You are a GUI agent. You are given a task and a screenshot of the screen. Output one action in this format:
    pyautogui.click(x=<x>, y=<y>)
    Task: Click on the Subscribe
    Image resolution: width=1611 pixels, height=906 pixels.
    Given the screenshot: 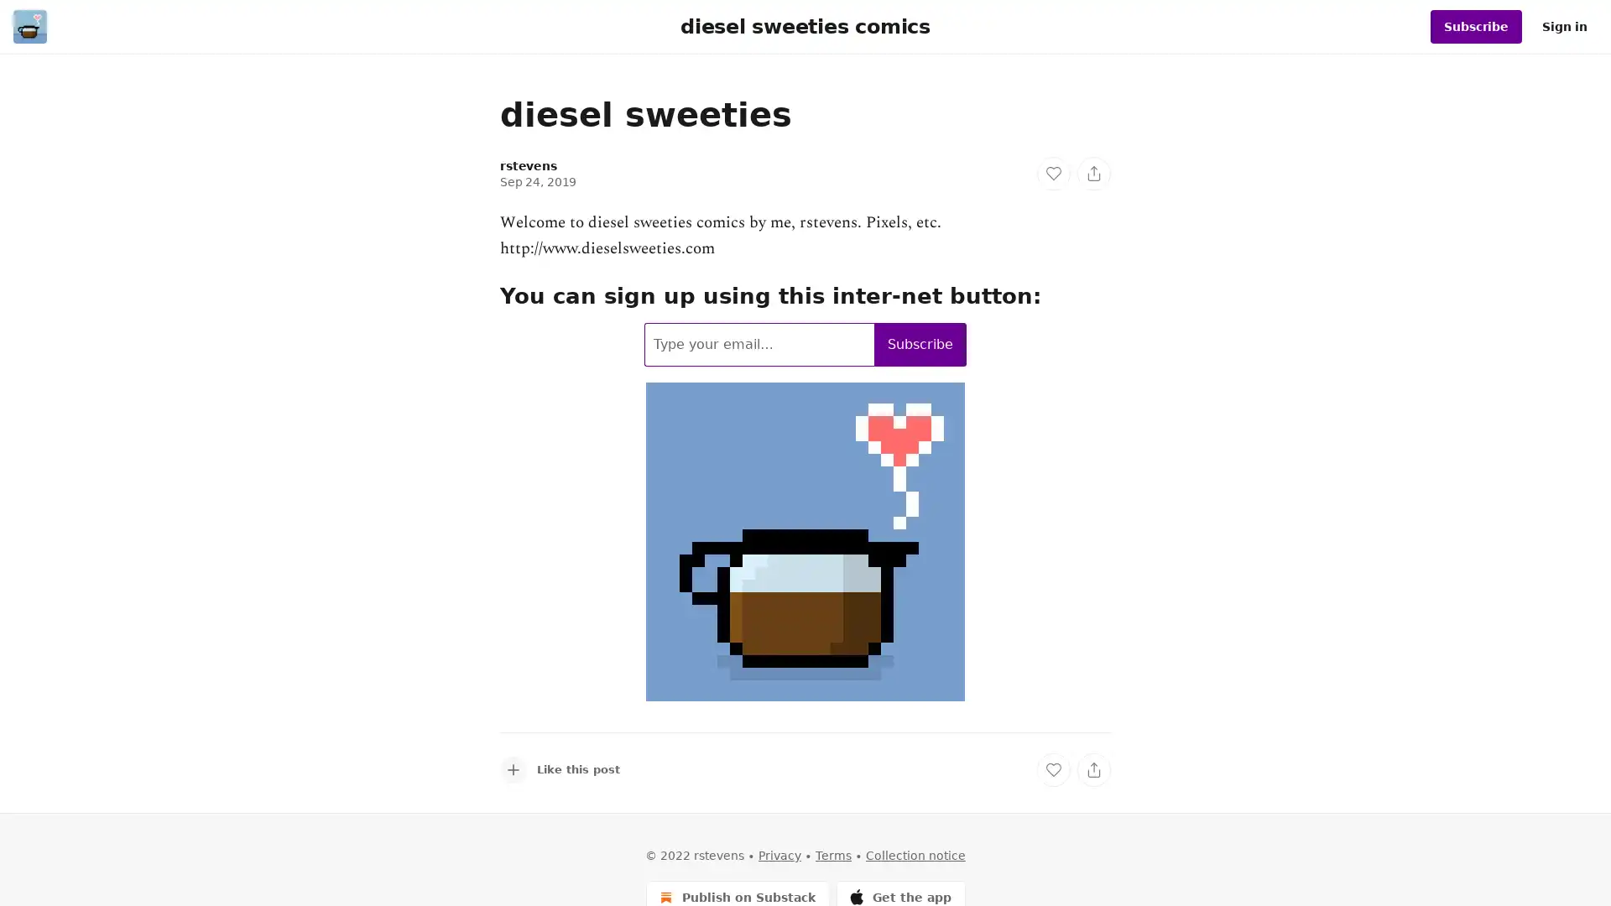 What is the action you would take?
    pyautogui.click(x=920, y=342)
    